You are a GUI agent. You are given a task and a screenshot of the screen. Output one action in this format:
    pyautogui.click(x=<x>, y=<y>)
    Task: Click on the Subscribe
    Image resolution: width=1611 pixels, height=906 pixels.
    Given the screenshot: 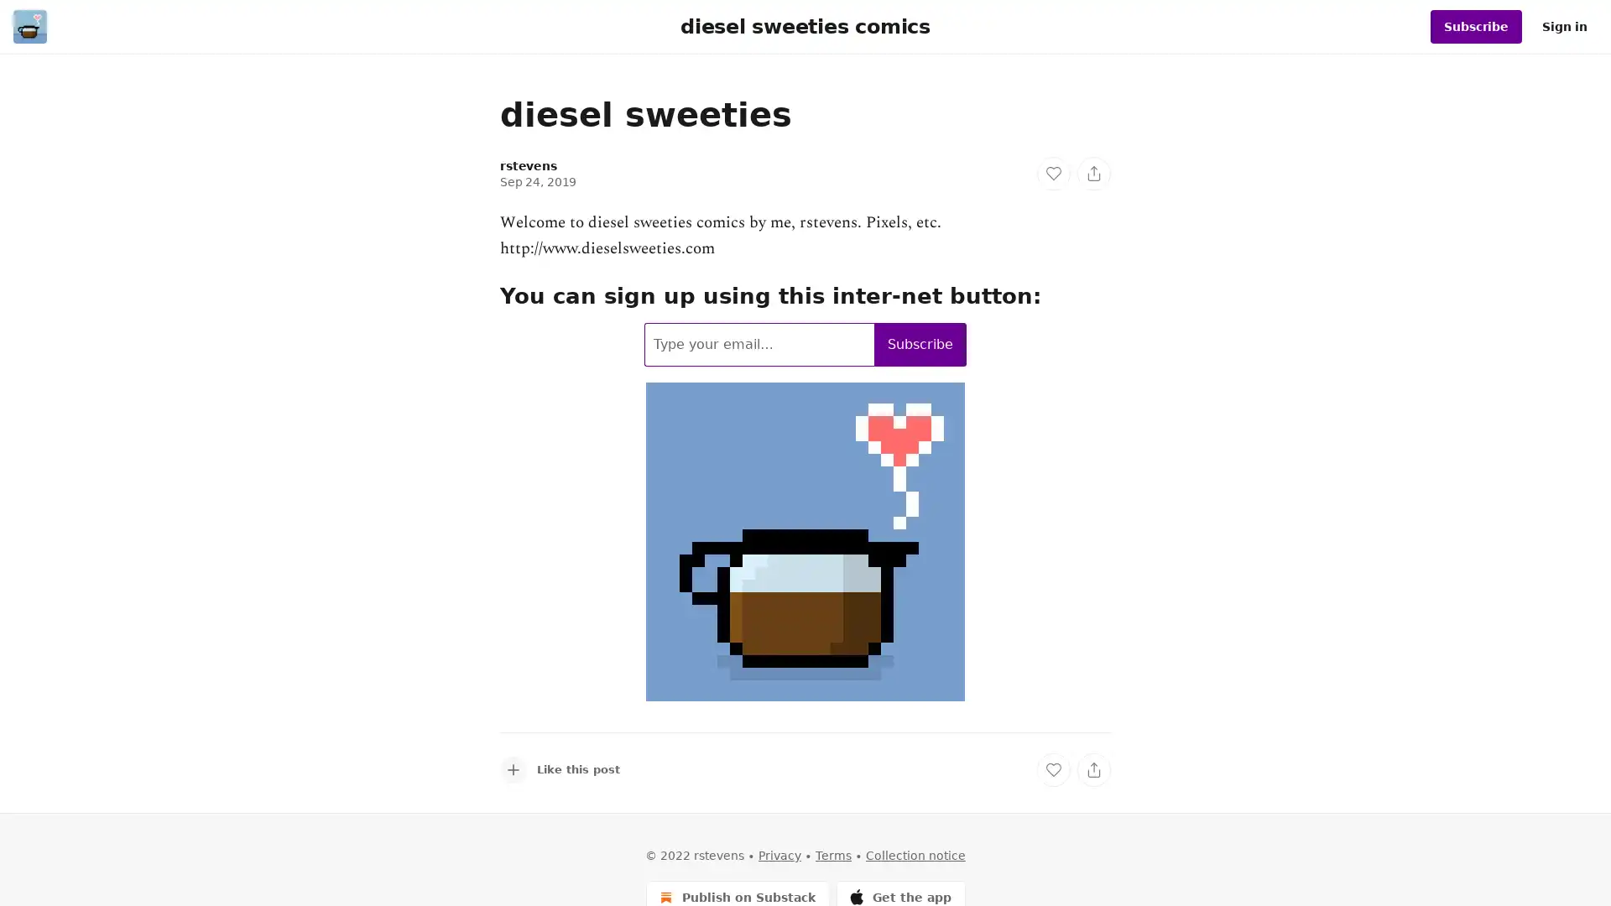 What is the action you would take?
    pyautogui.click(x=920, y=342)
    